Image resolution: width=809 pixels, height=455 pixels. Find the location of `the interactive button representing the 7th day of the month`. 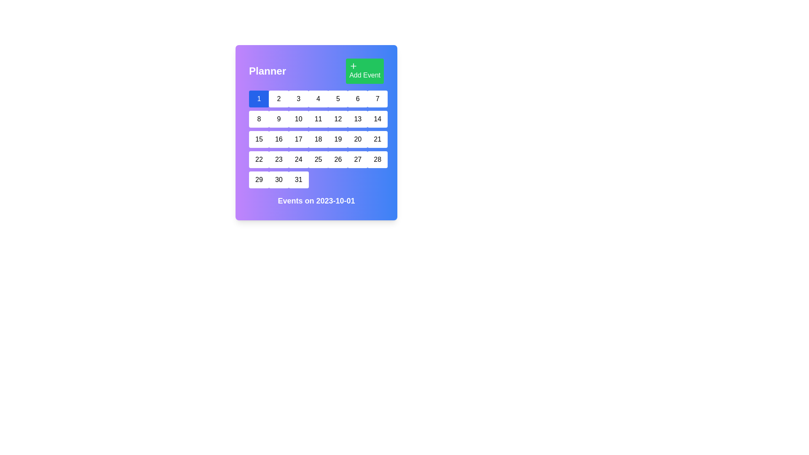

the interactive button representing the 7th day of the month is located at coordinates (377, 99).